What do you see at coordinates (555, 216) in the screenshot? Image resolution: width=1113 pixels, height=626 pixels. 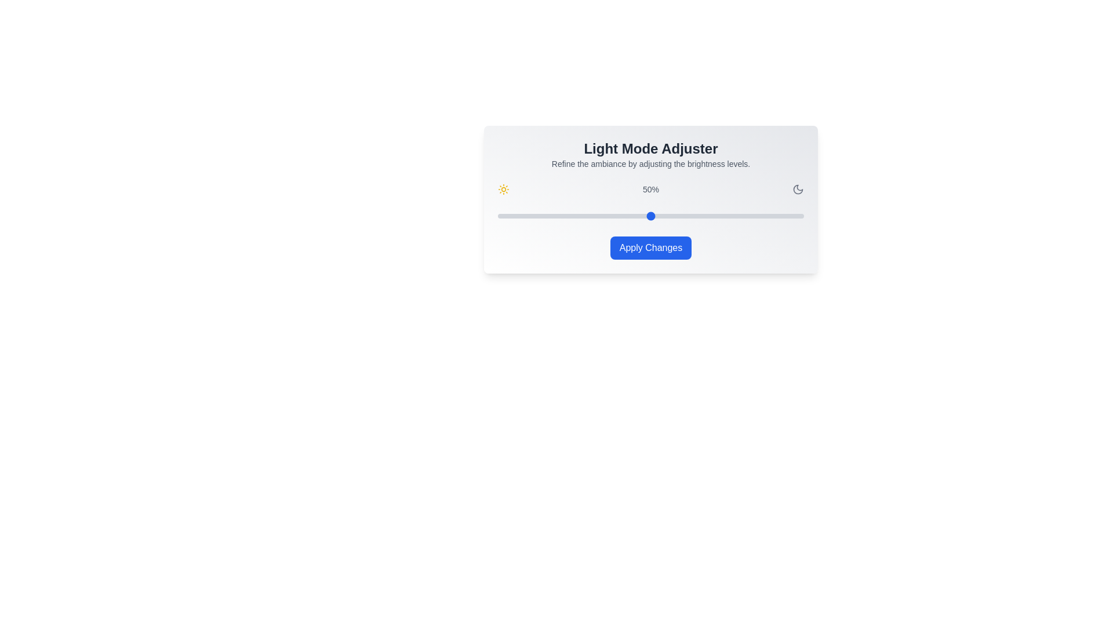 I see `the brightness slider to 19%` at bounding box center [555, 216].